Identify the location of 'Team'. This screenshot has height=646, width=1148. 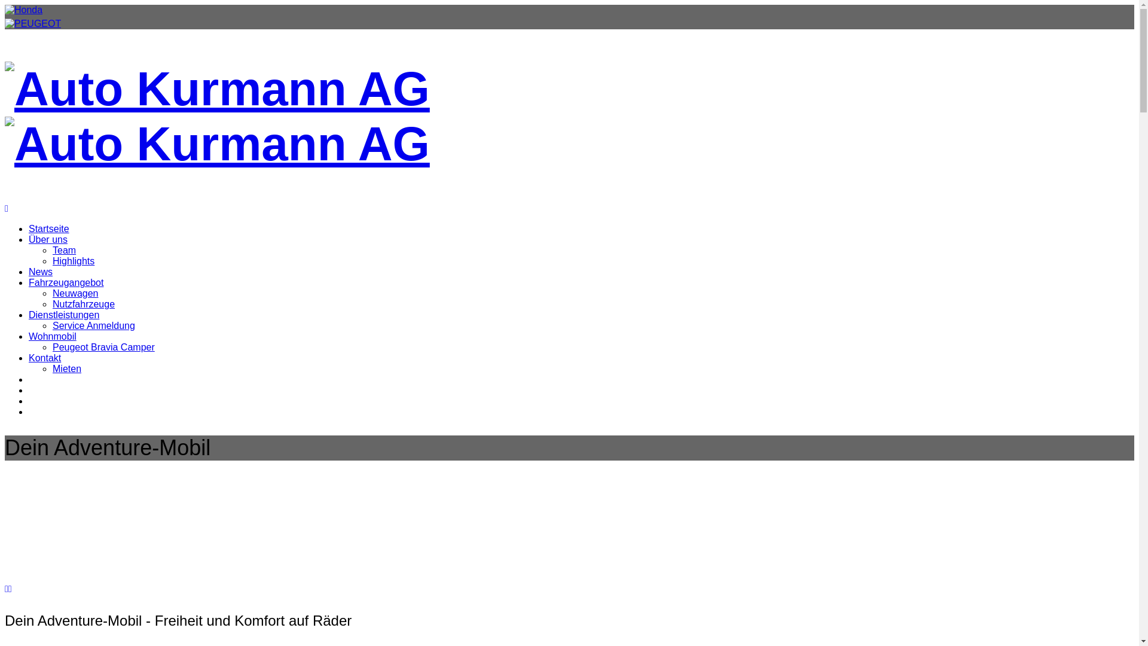
(51, 249).